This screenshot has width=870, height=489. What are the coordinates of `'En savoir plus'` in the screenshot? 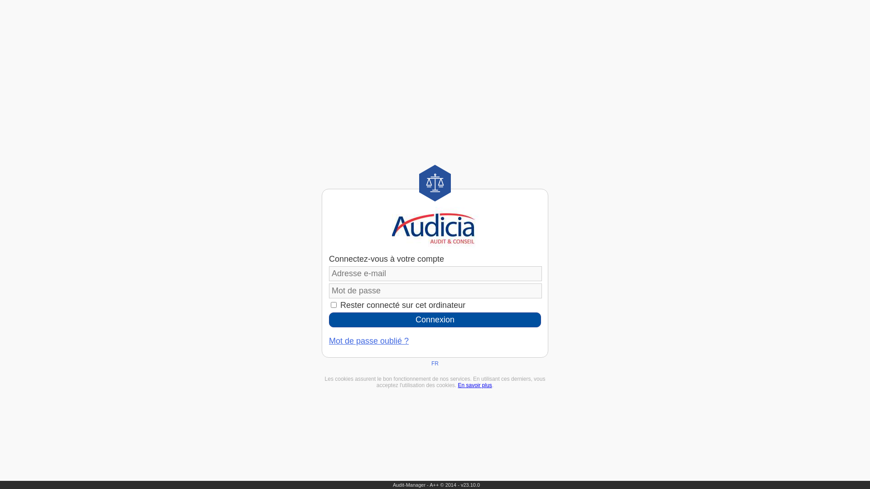 It's located at (474, 385).